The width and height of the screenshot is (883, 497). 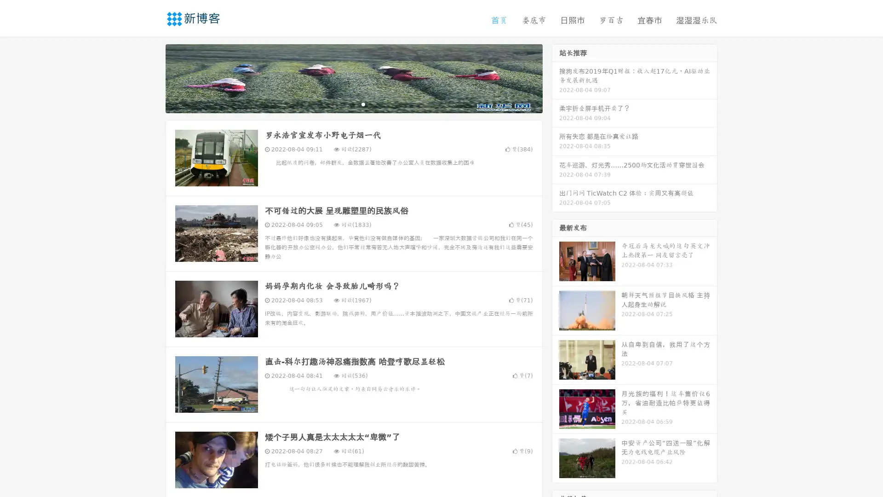 I want to click on Go to slide 1, so click(x=344, y=104).